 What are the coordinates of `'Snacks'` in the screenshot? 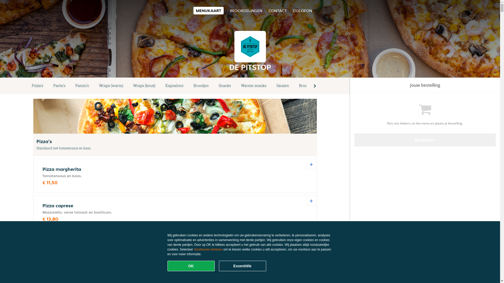 It's located at (225, 85).